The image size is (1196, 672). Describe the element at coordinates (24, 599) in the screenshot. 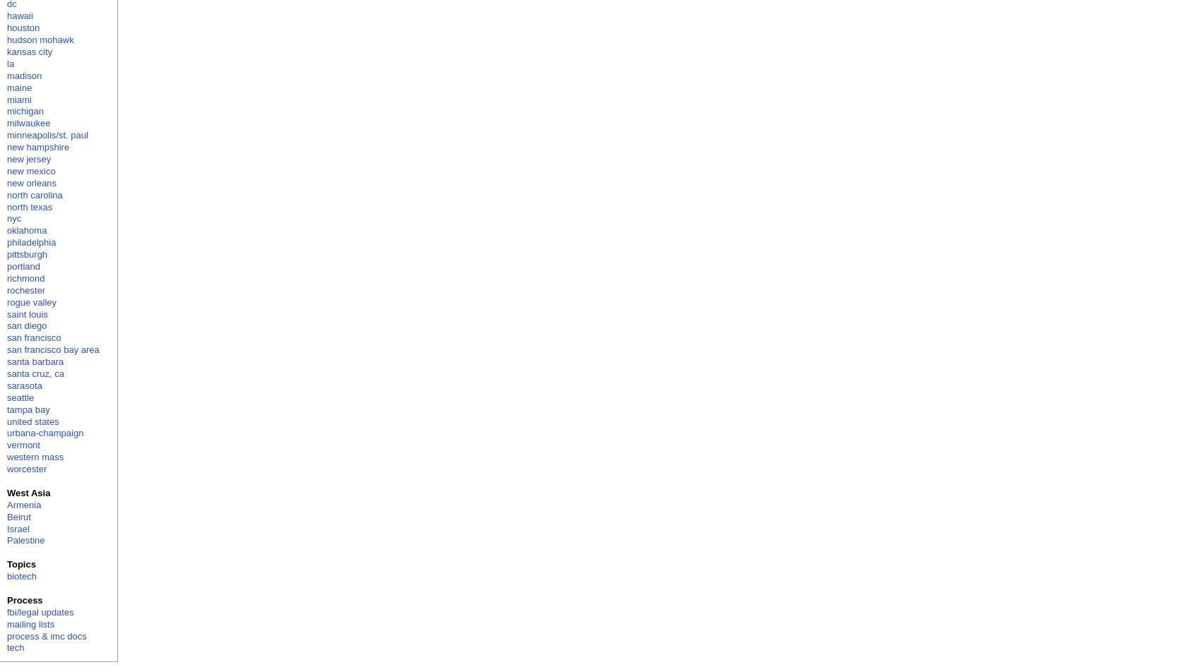

I see `'Process'` at that location.